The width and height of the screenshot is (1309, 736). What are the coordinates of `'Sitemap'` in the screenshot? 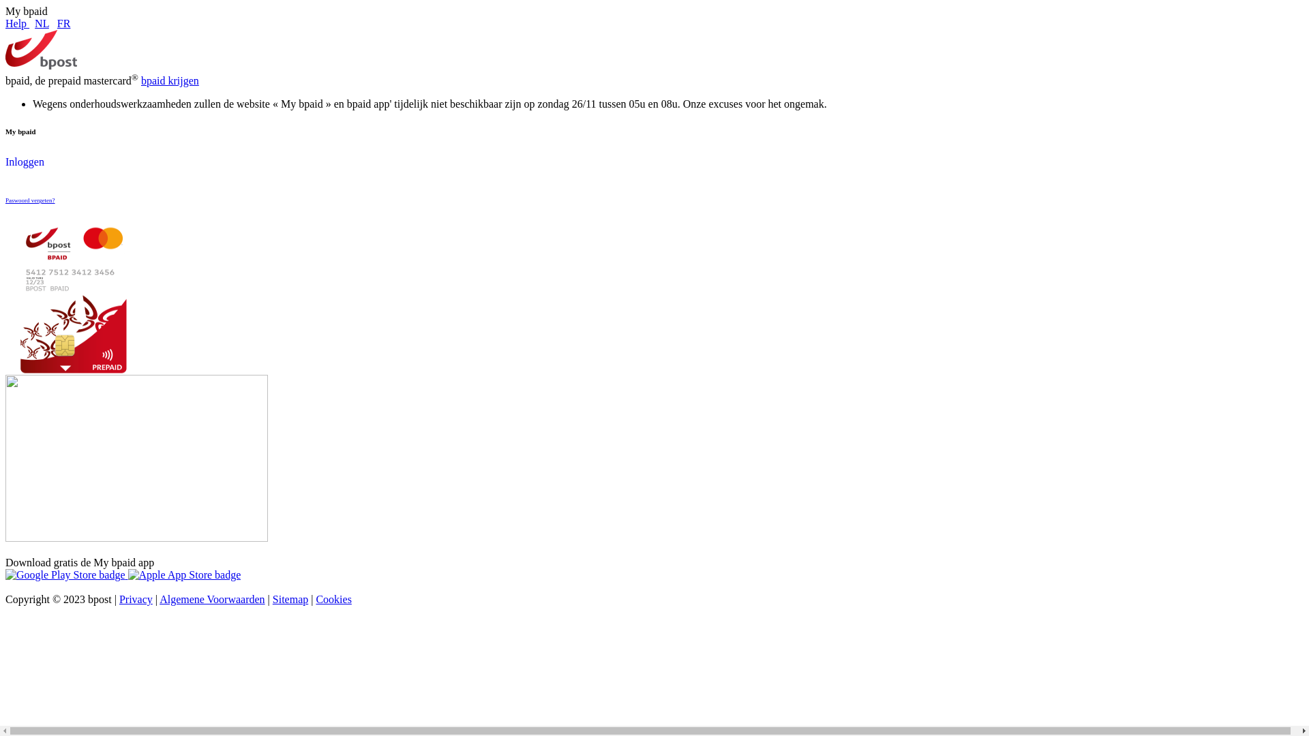 It's located at (290, 598).